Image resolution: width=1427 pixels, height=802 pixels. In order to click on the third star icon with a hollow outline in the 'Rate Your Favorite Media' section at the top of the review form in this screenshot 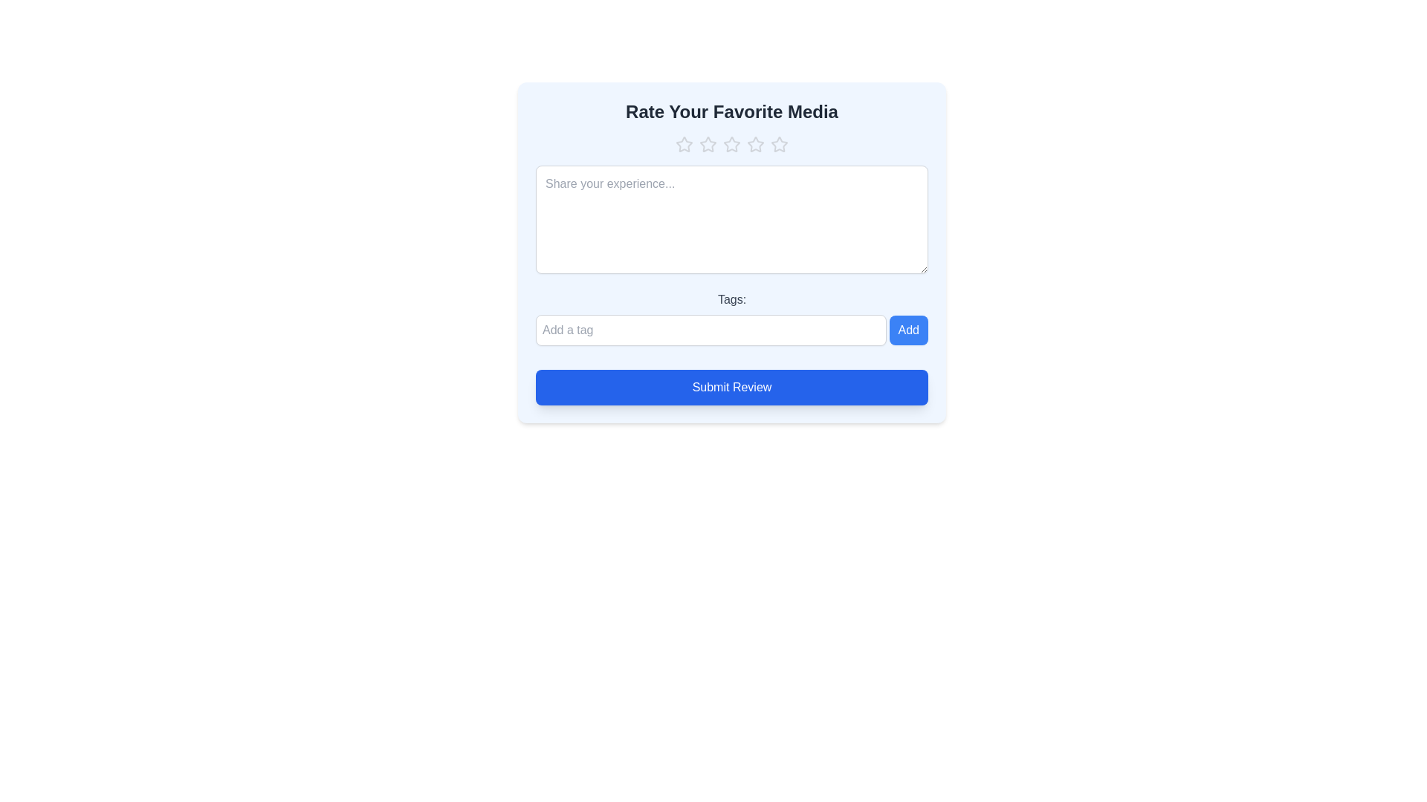, I will do `click(756, 144)`.